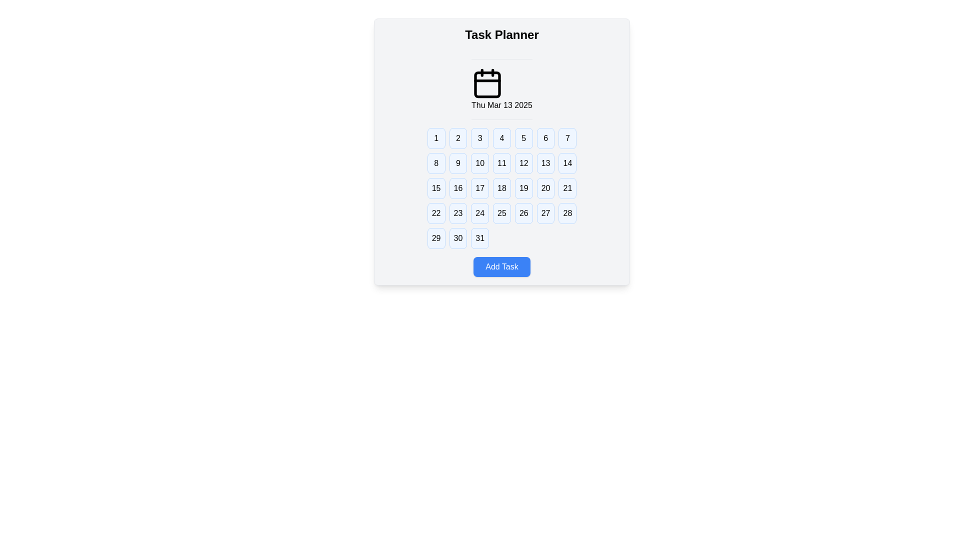 This screenshot has height=540, width=960. I want to click on the header text element that serves as a title for the task planner section, located at the top-center of the interface, so click(501, 34).